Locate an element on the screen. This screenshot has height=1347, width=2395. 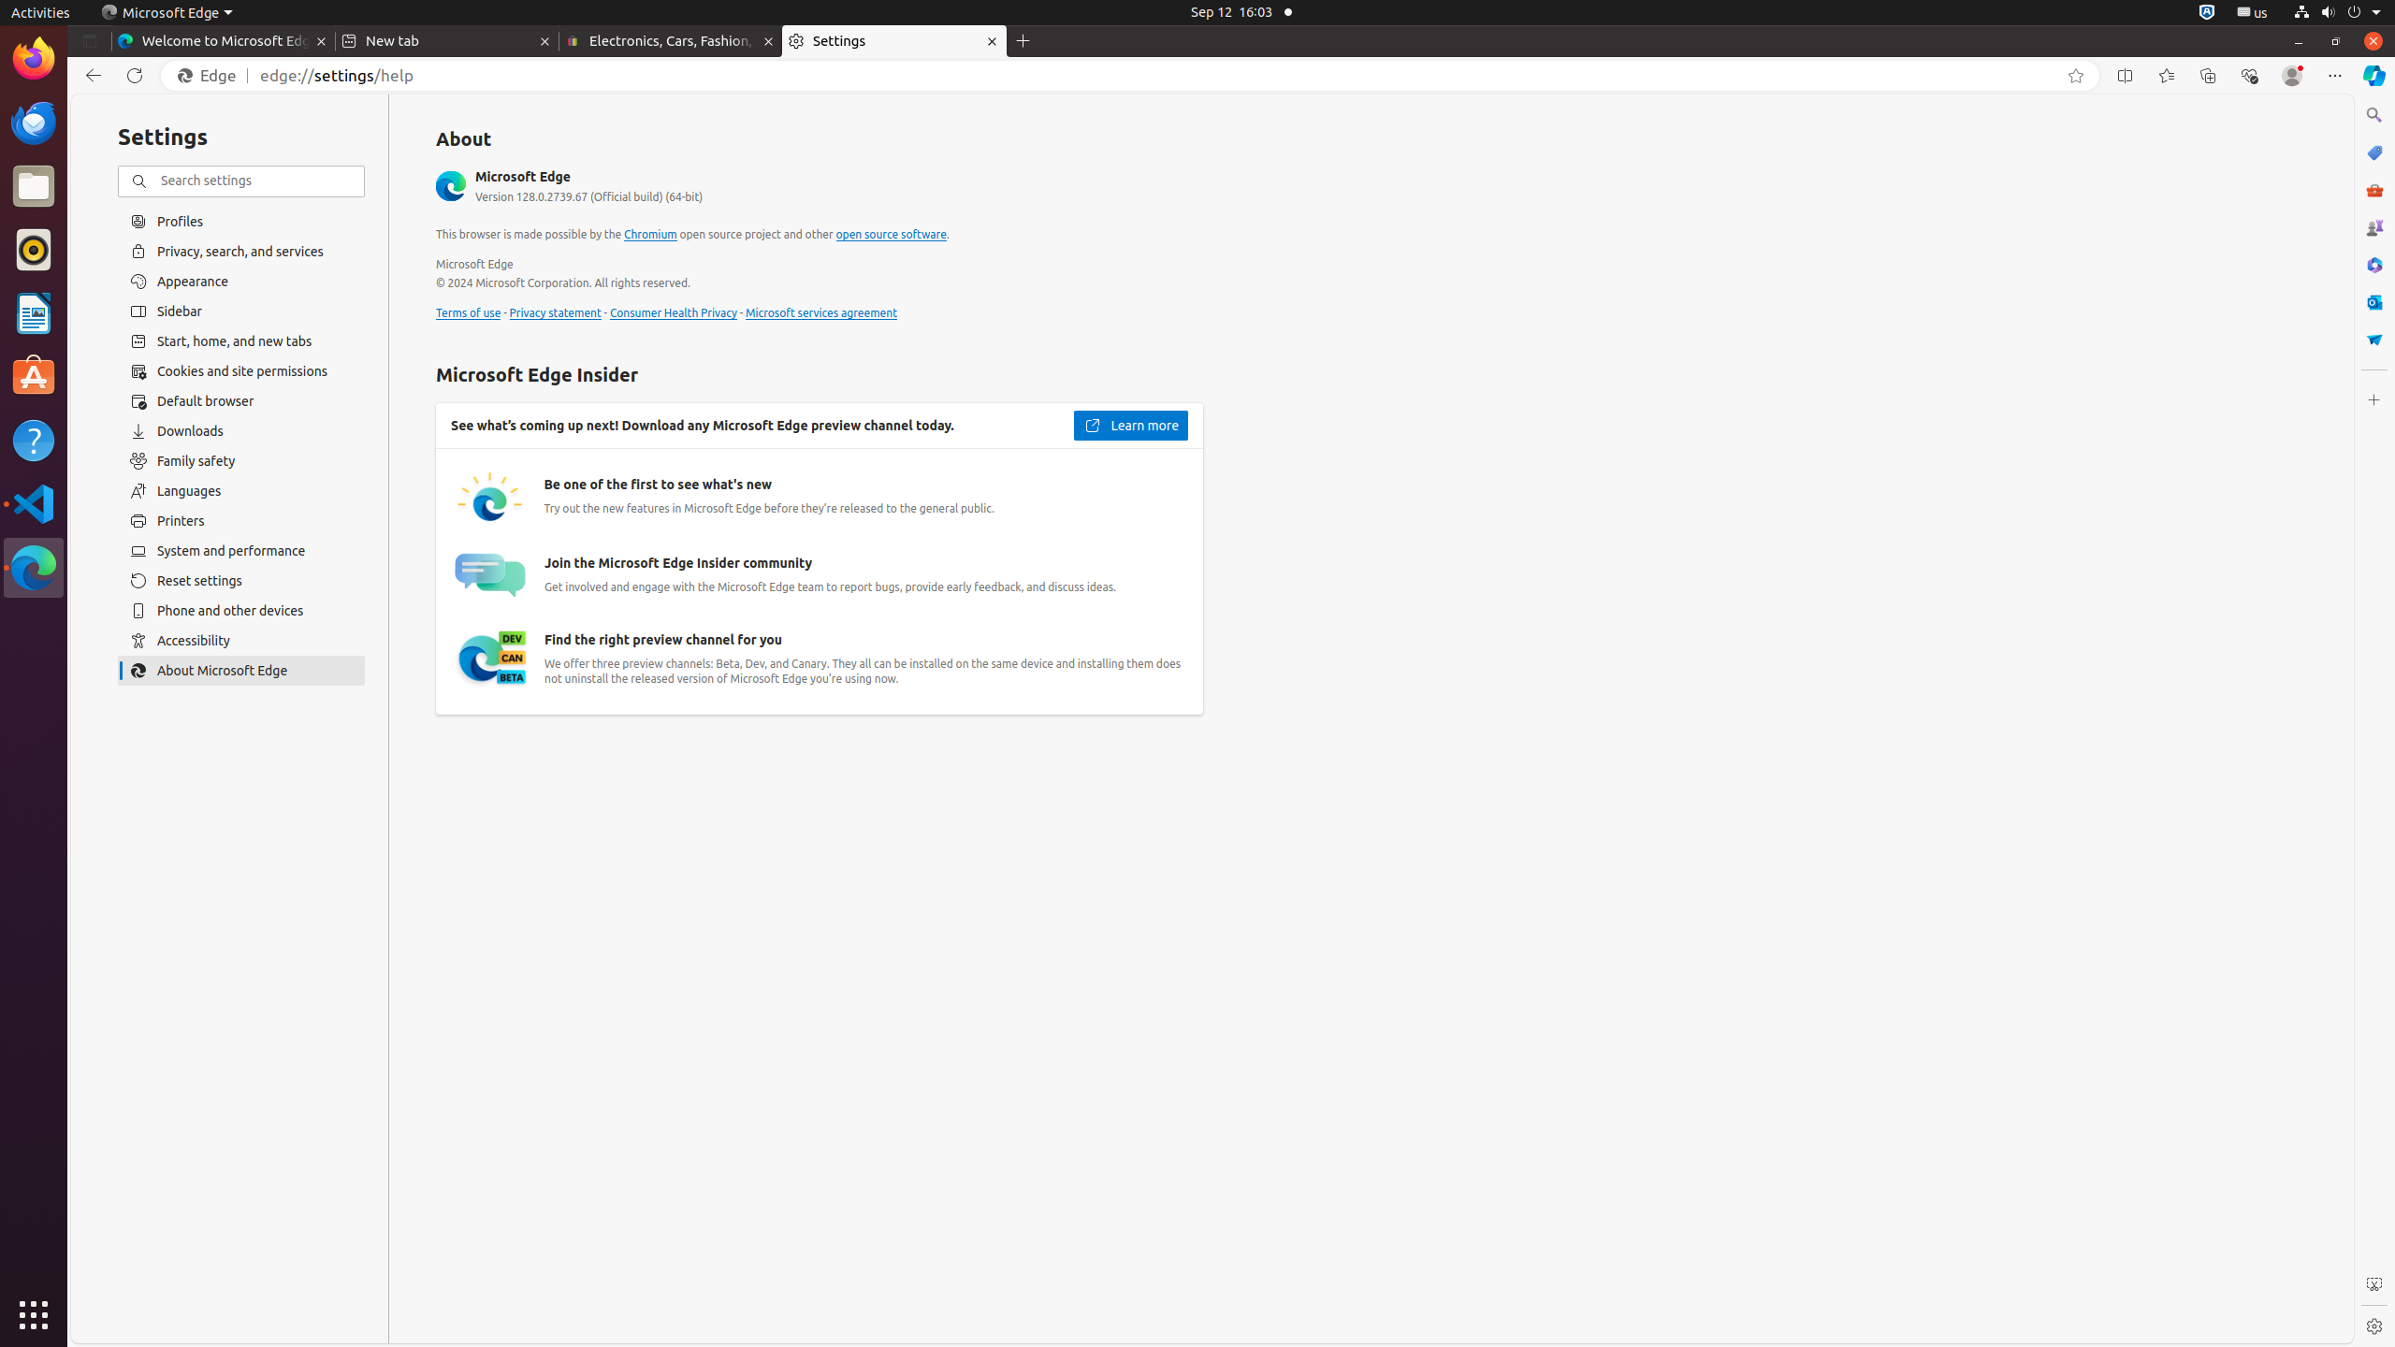
'Add this page to favorites (Ctrl+D)' is located at coordinates (2075, 75).